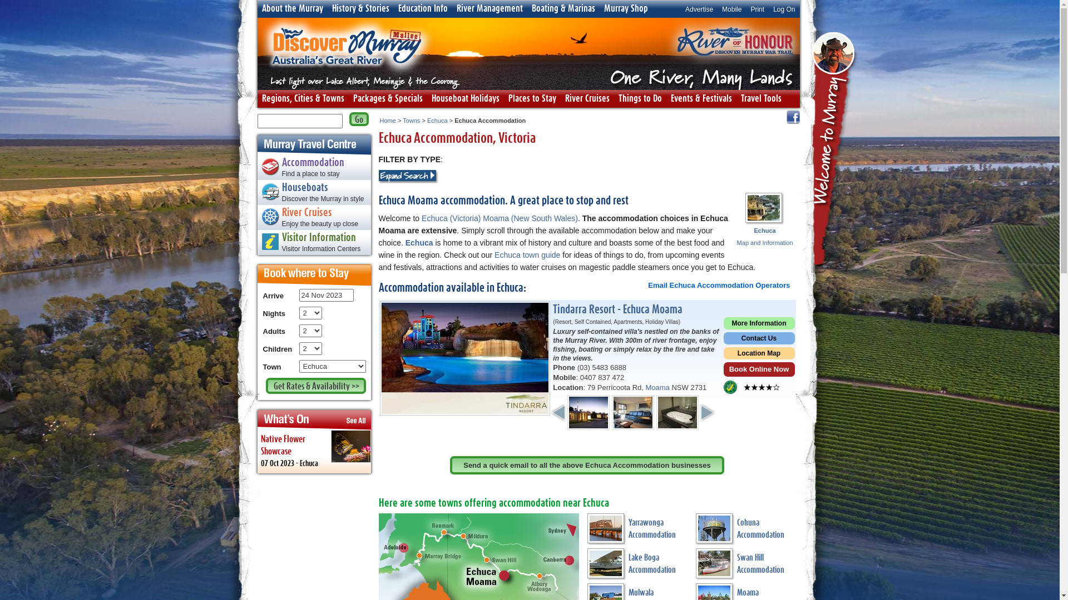 This screenshot has height=600, width=1068. Describe the element at coordinates (729, 387) in the screenshot. I see `'Accredited Tourism Business'` at that location.